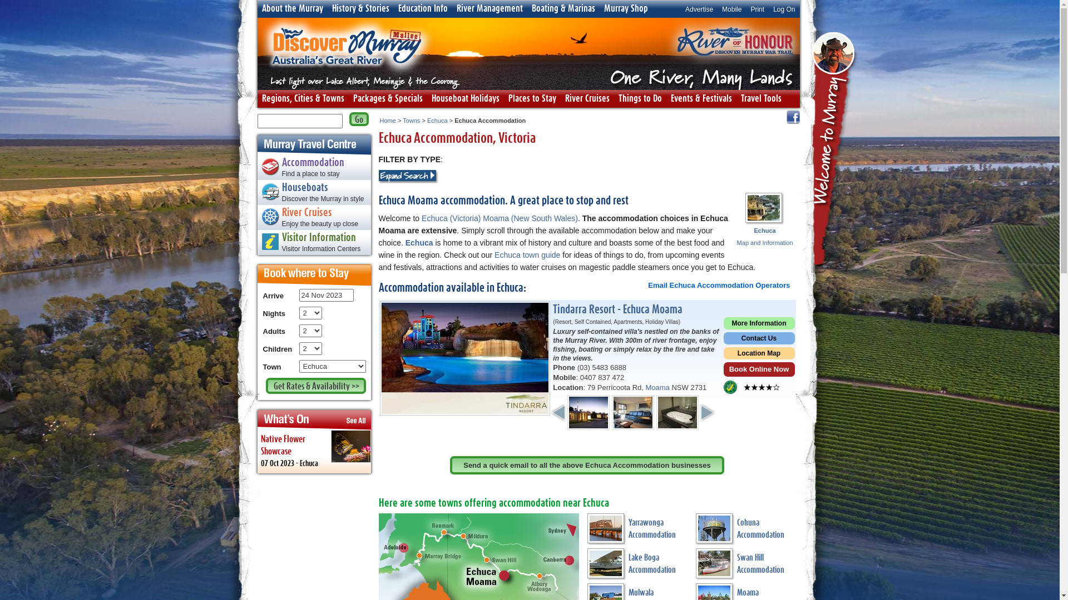 This screenshot has height=600, width=1068. Describe the element at coordinates (729, 387) in the screenshot. I see `'Accredited Tourism Business'` at that location.